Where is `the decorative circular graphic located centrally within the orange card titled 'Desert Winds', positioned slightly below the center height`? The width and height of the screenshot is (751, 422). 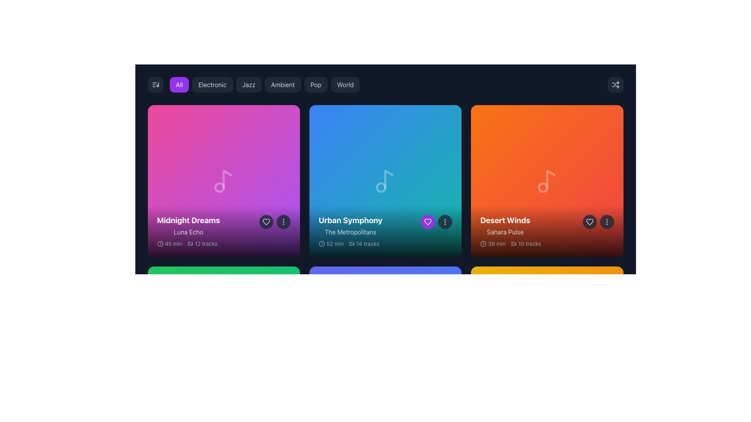
the decorative circular graphic located centrally within the orange card titled 'Desert Winds', positioned slightly below the center height is located at coordinates (543, 187).